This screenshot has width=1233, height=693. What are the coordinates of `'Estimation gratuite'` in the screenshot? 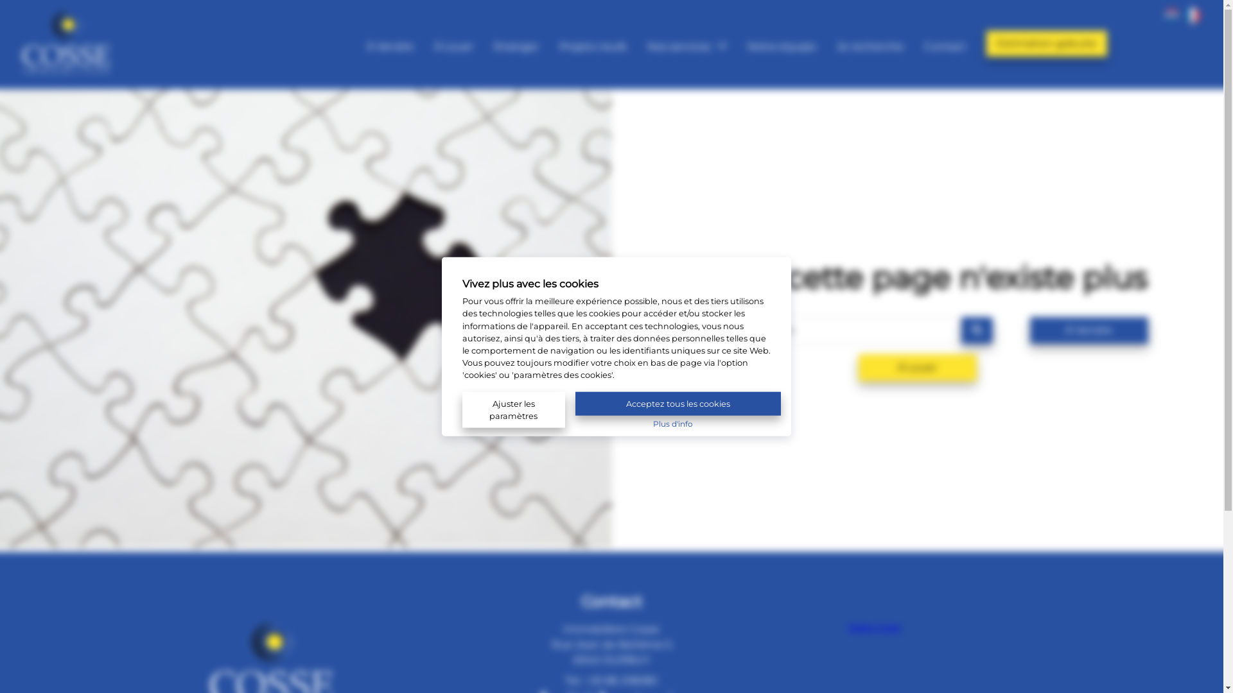 It's located at (1047, 42).